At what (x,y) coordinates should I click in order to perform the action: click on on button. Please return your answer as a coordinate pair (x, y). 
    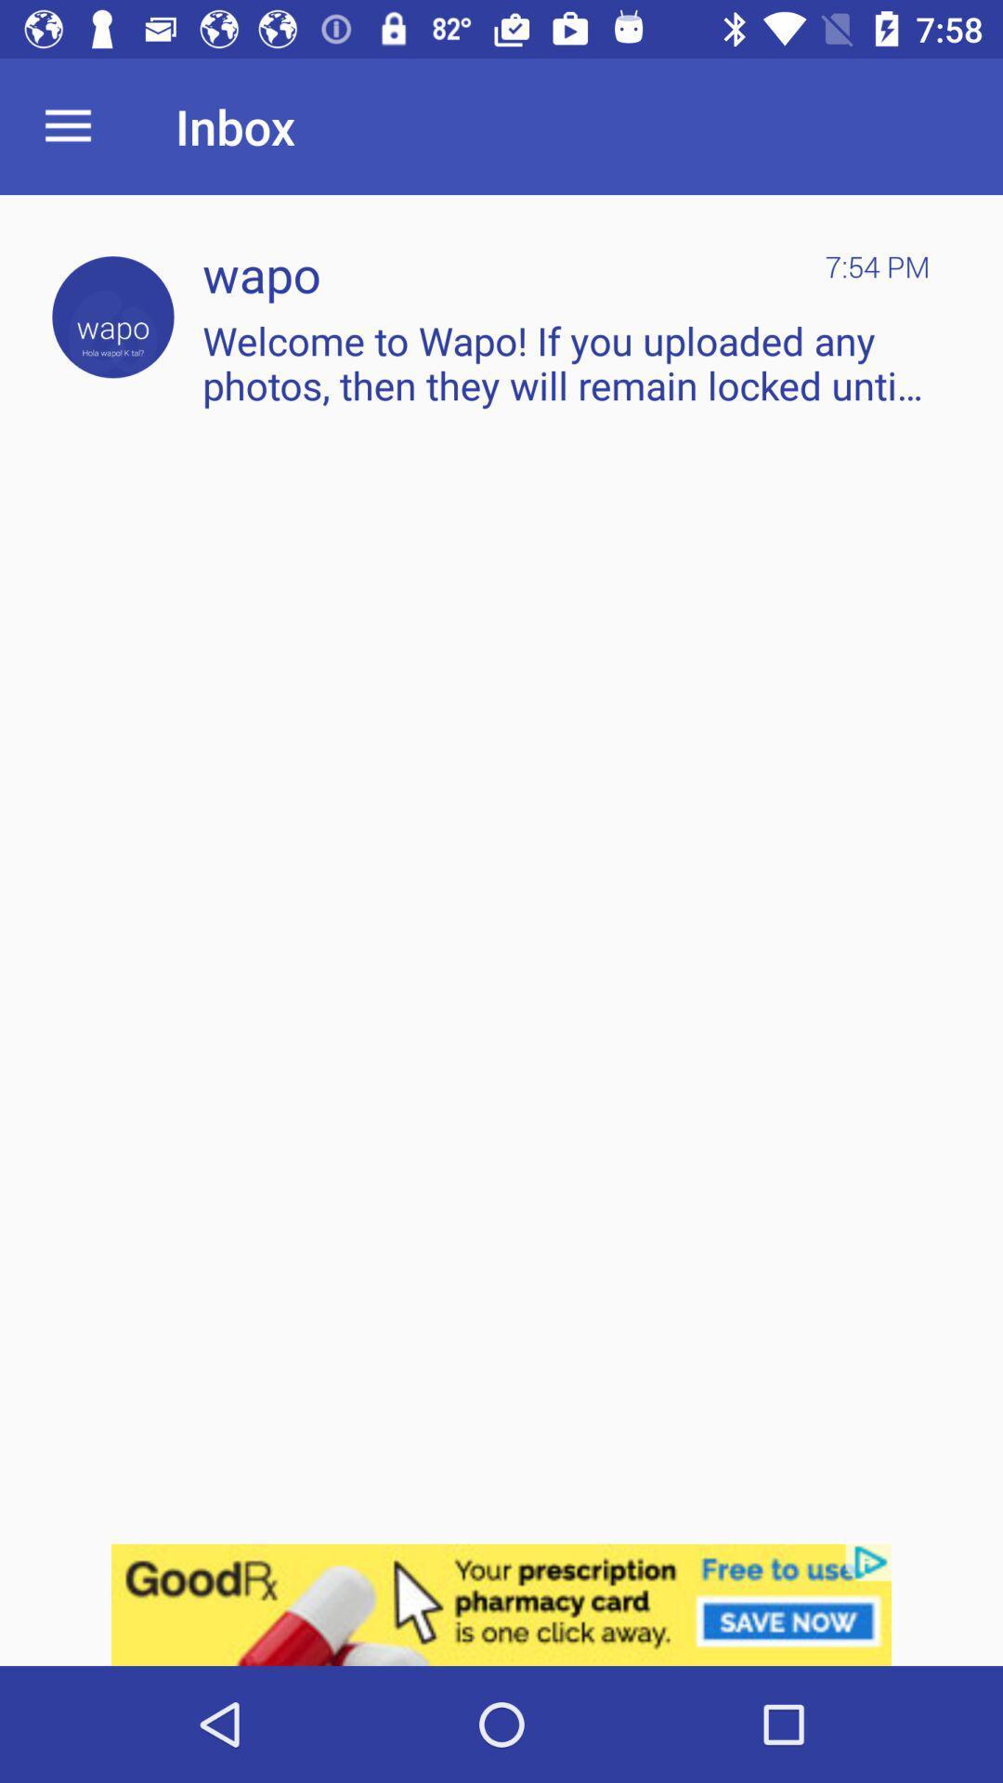
    Looking at the image, I should click on (112, 317).